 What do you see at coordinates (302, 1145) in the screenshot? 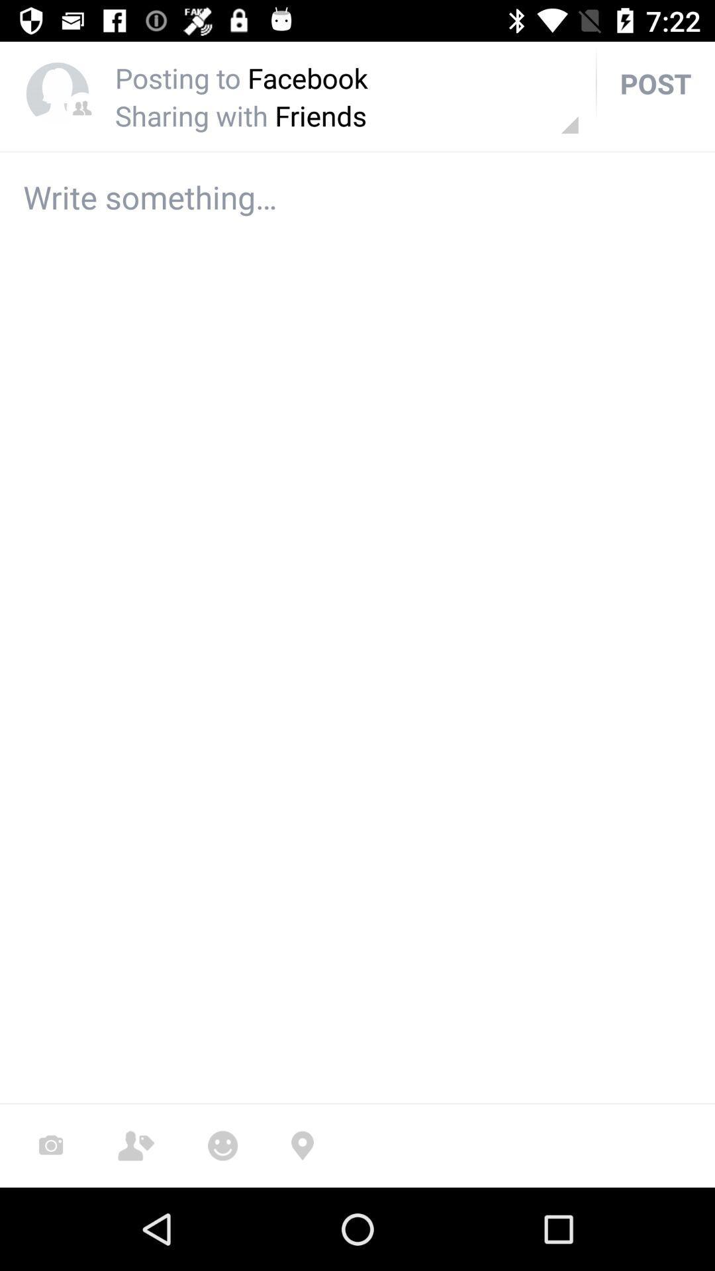
I see `the location icon` at bounding box center [302, 1145].